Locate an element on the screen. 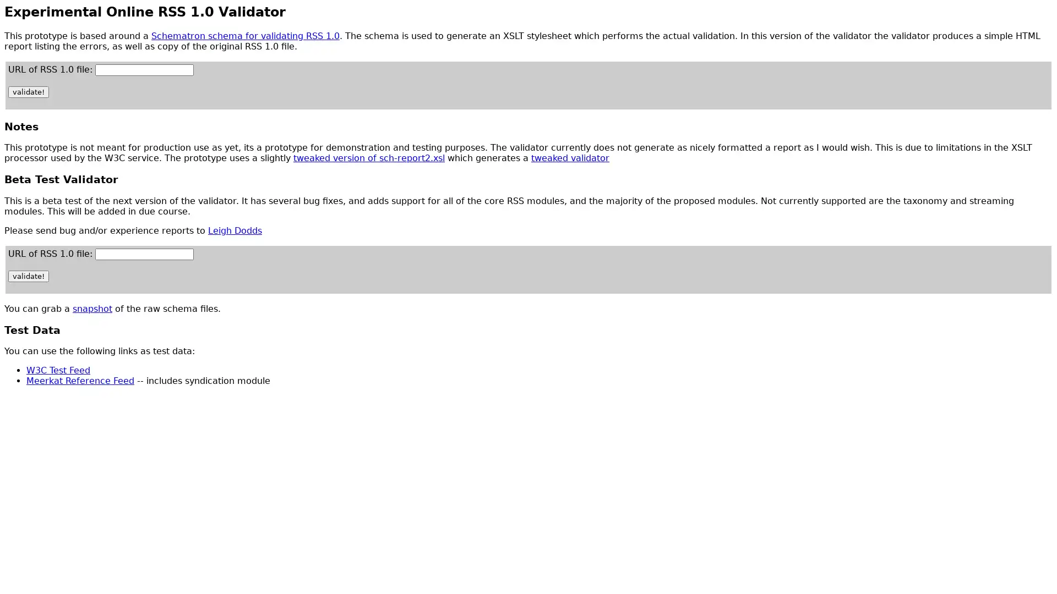 The image size is (1057, 594). validate! is located at coordinates (29, 91).